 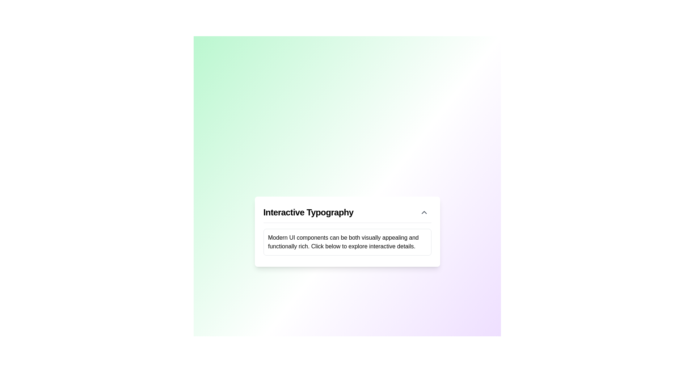 I want to click on the upward-facing chevron arrow icon button located on the far right of the 'Interactive Typography' header section, so click(x=424, y=212).